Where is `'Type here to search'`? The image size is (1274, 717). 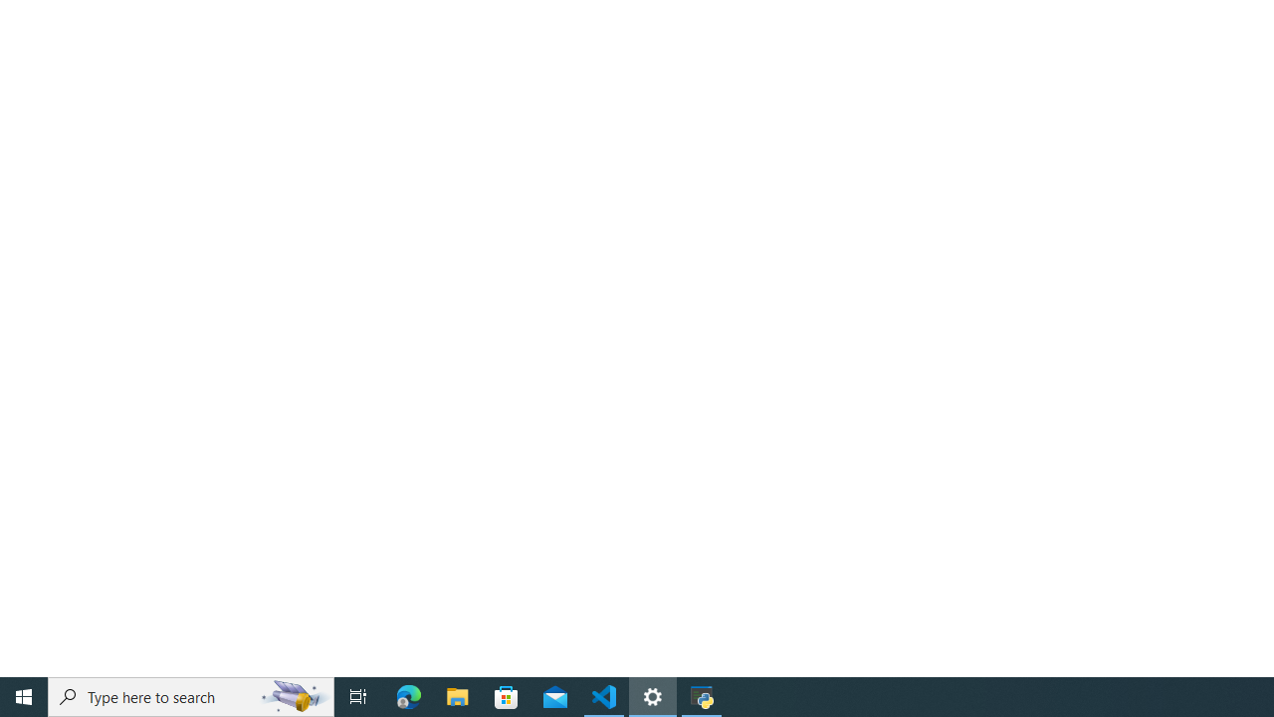
'Type here to search' is located at coordinates (191, 695).